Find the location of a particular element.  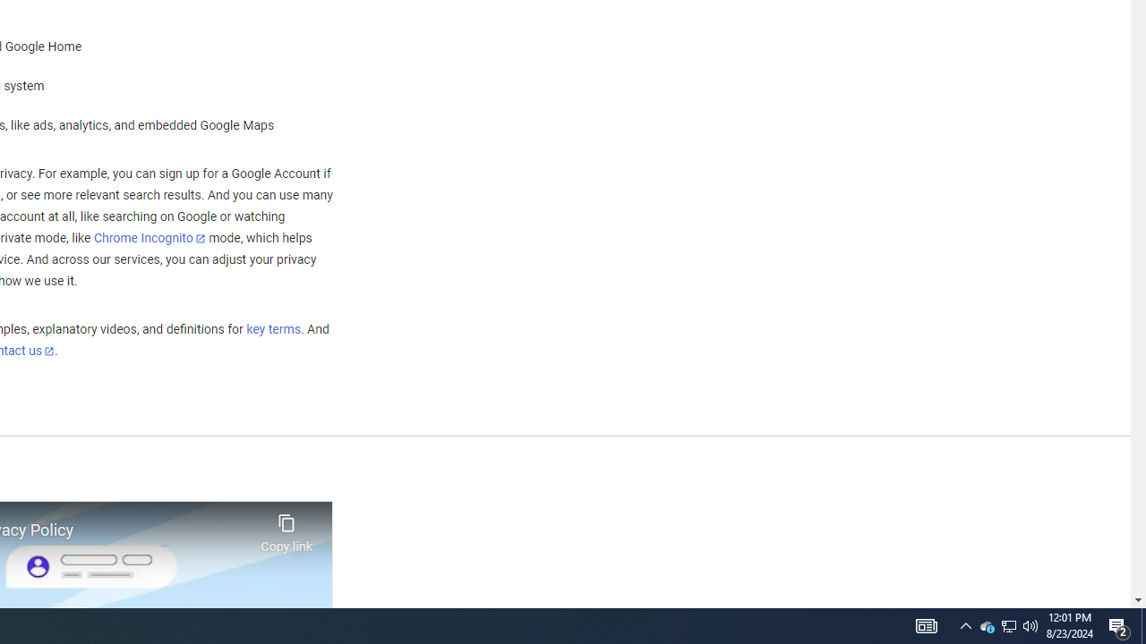

'Copy link' is located at coordinates (286, 528).